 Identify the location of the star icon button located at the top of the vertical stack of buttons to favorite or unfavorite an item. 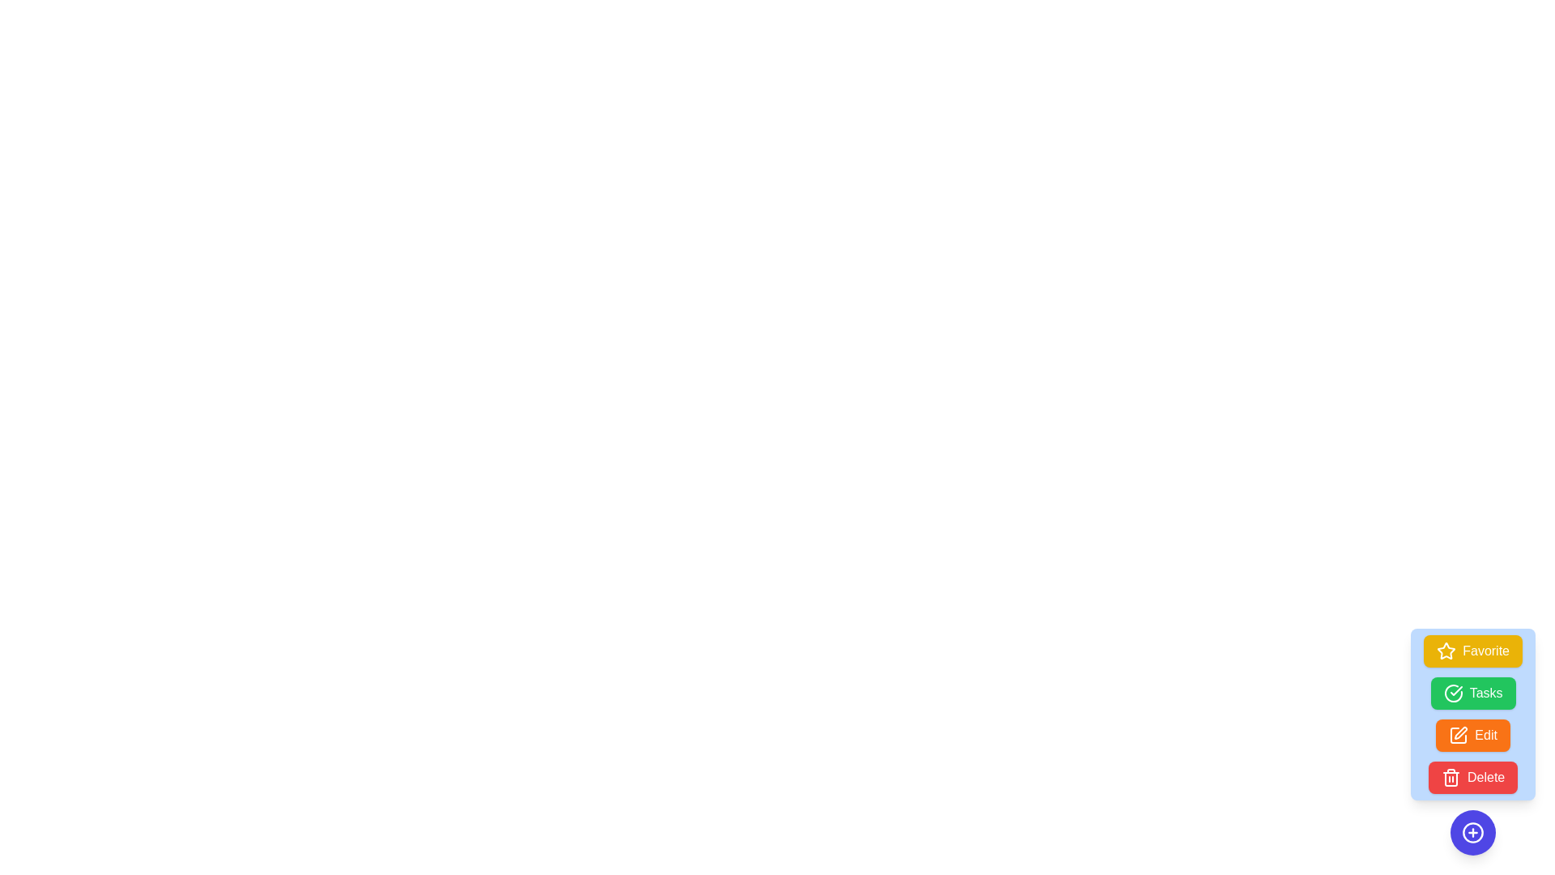
(1446, 650).